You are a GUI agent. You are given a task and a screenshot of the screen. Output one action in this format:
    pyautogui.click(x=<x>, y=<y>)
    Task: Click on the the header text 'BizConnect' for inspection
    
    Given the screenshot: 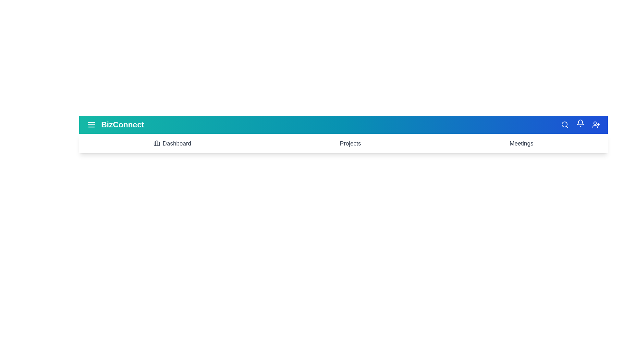 What is the action you would take?
    pyautogui.click(x=123, y=125)
    